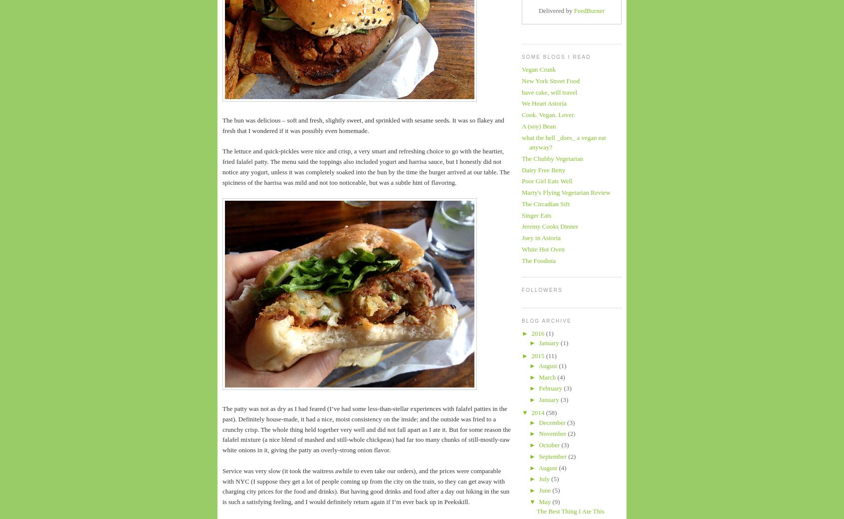 This screenshot has width=844, height=519. What do you see at coordinates (546, 203) in the screenshot?
I see `'The Circadian Sift'` at bounding box center [546, 203].